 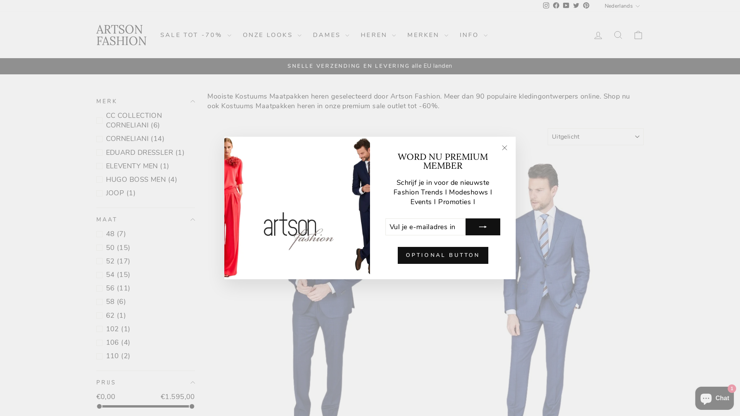 What do you see at coordinates (638, 35) in the screenshot?
I see `'ICON-BAG-MINIMAL` at bounding box center [638, 35].